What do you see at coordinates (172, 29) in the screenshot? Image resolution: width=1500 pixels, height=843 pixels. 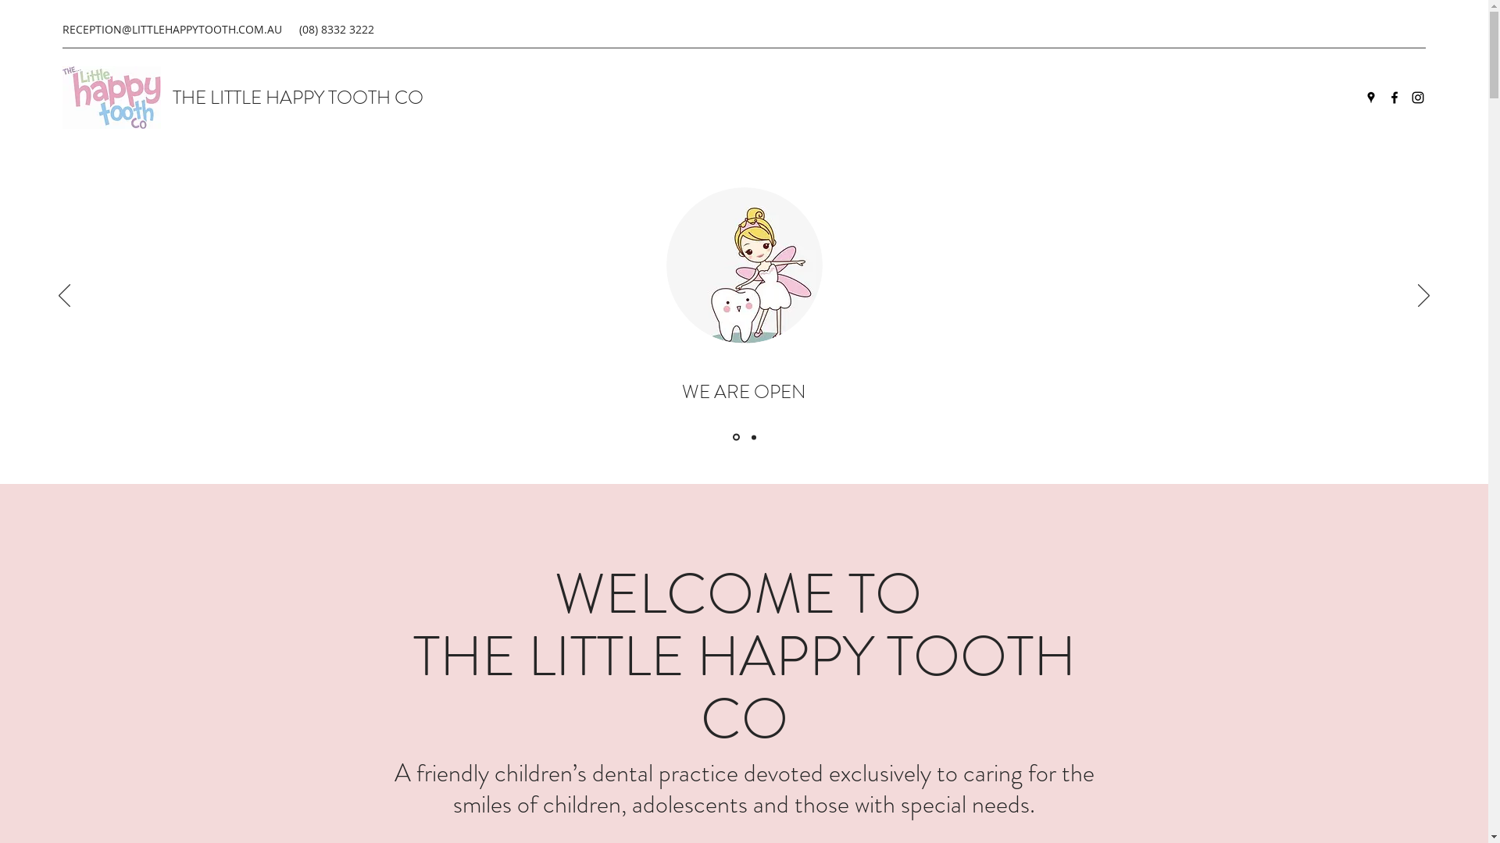 I see `'RECEPTION@LITTLEHAPPYTOOTH.COM.AU'` at bounding box center [172, 29].